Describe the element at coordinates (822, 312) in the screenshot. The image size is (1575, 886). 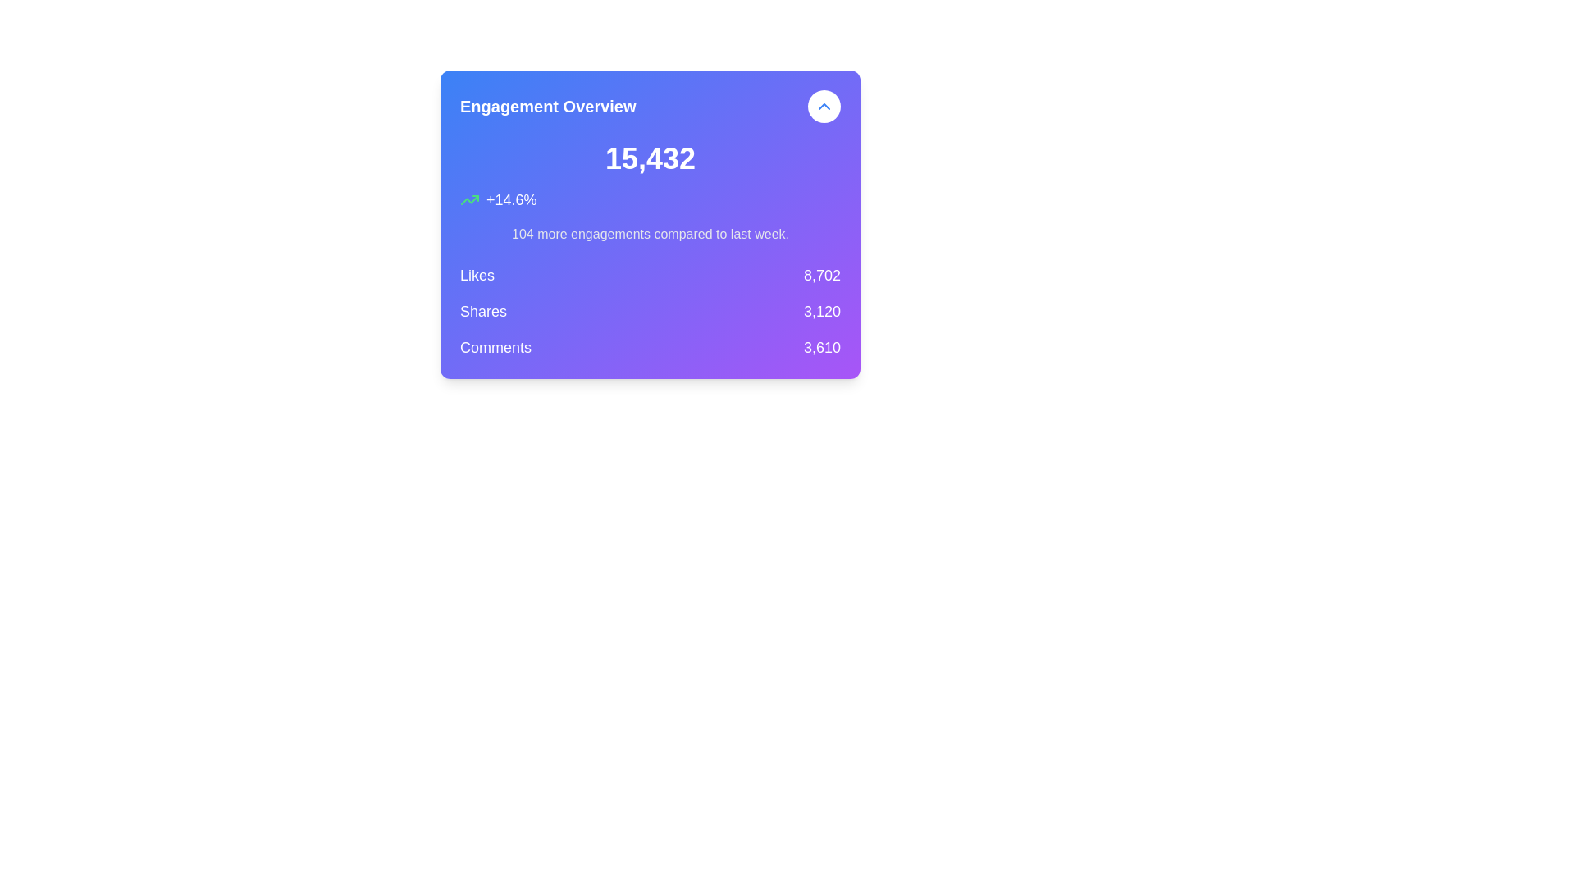
I see `the static text display that shows the number '3,120' associated with the 'Shares' label in the engagement overview panel` at that location.